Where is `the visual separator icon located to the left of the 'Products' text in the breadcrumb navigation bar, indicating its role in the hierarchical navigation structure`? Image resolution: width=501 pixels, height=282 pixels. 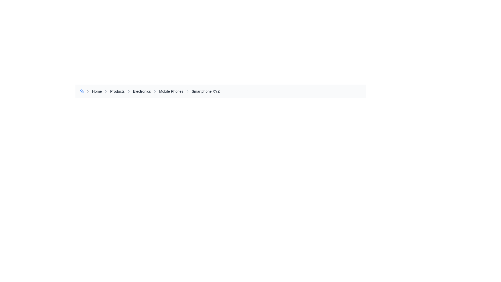
the visual separator icon located to the left of the 'Products' text in the breadcrumb navigation bar, indicating its role in the hierarchical navigation structure is located at coordinates (106, 91).